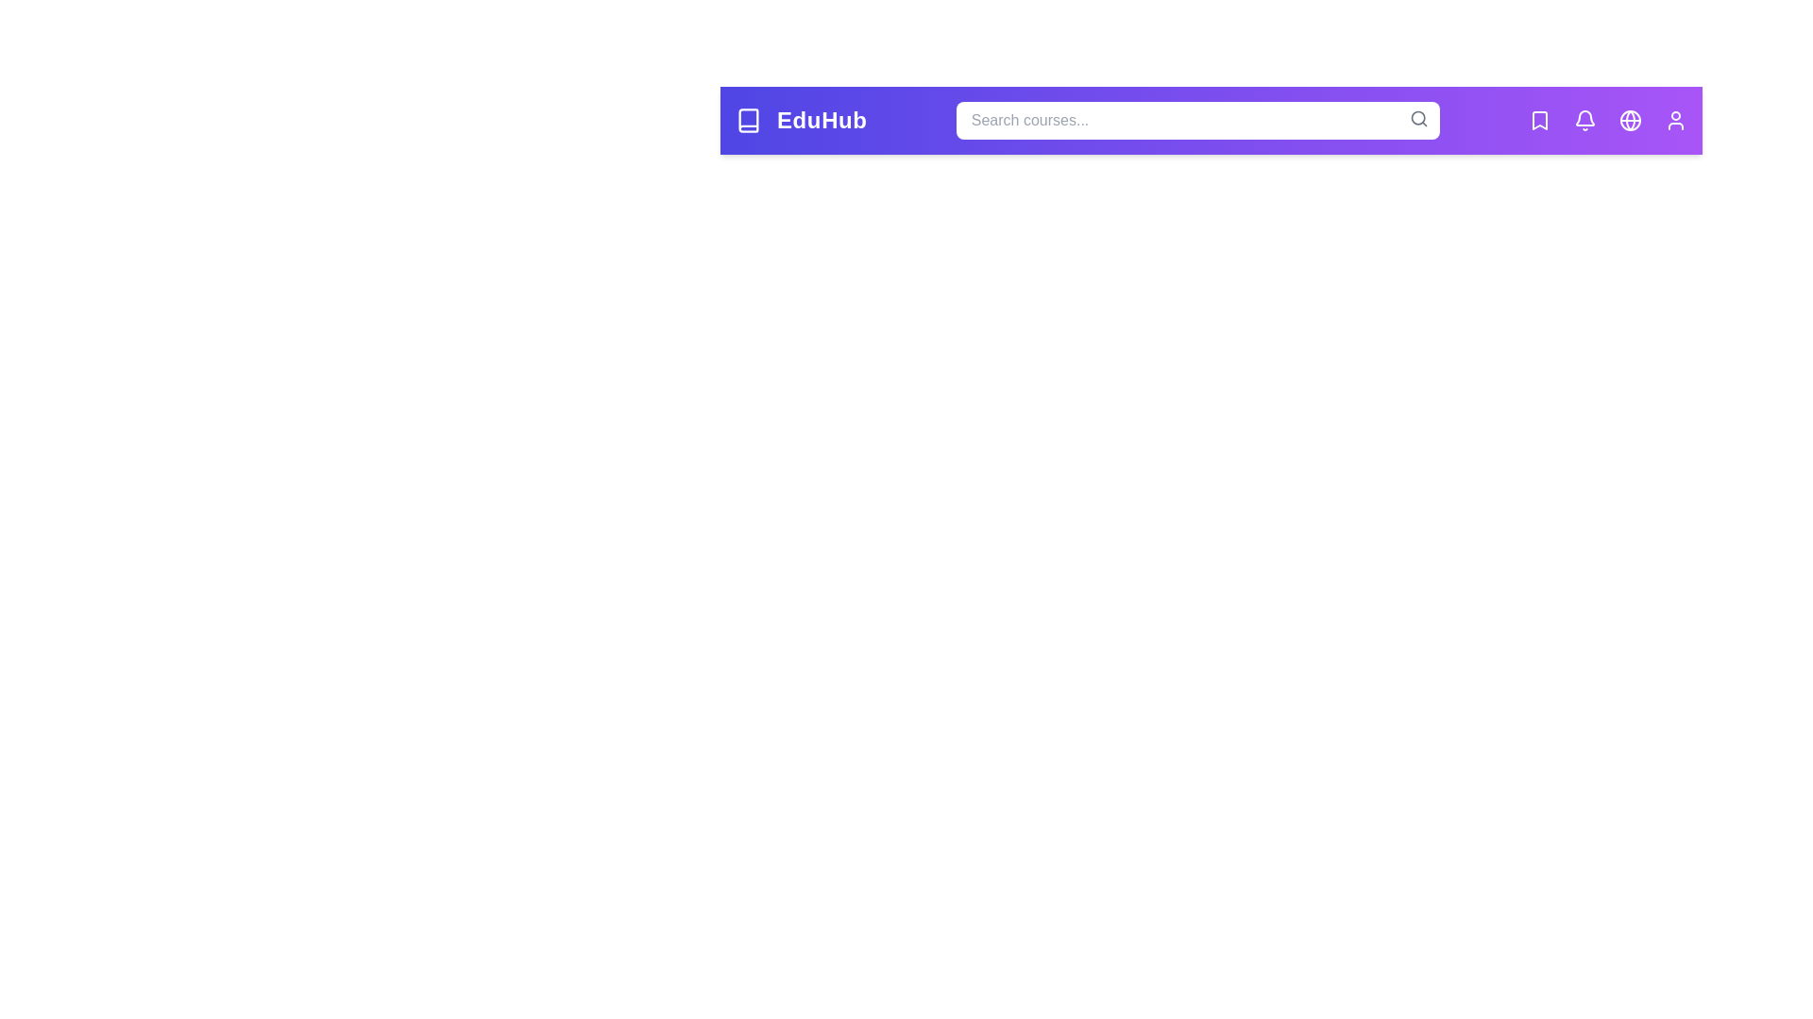 The image size is (1813, 1019). What do you see at coordinates (1195, 120) in the screenshot?
I see `the search bar and type the desired text` at bounding box center [1195, 120].